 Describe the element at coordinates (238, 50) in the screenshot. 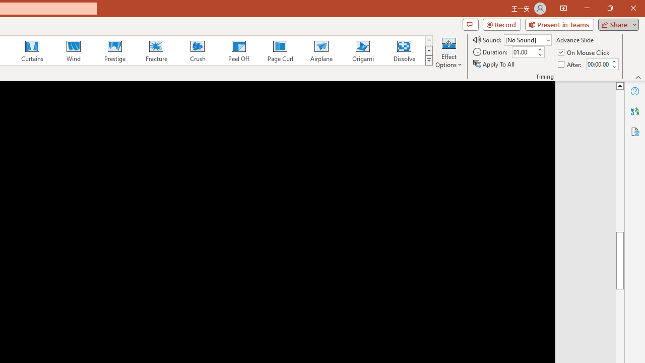

I see `'Peel Off'` at that location.